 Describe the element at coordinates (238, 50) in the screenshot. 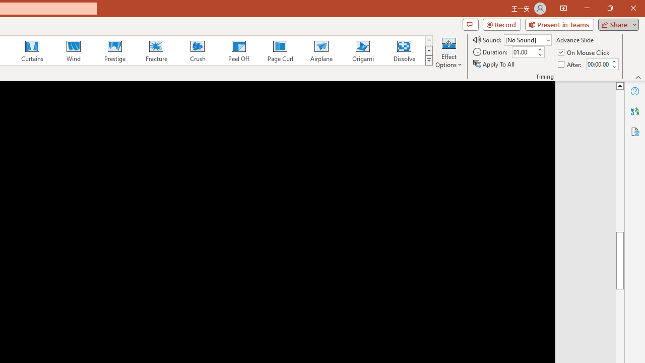

I see `'Peel Off'` at that location.